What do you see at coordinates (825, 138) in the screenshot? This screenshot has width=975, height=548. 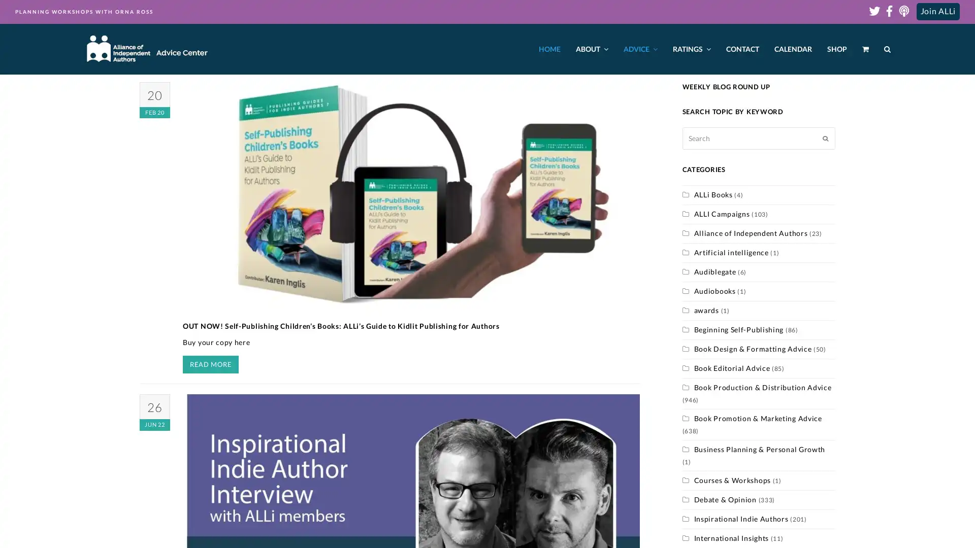 I see `SUBMIT` at bounding box center [825, 138].